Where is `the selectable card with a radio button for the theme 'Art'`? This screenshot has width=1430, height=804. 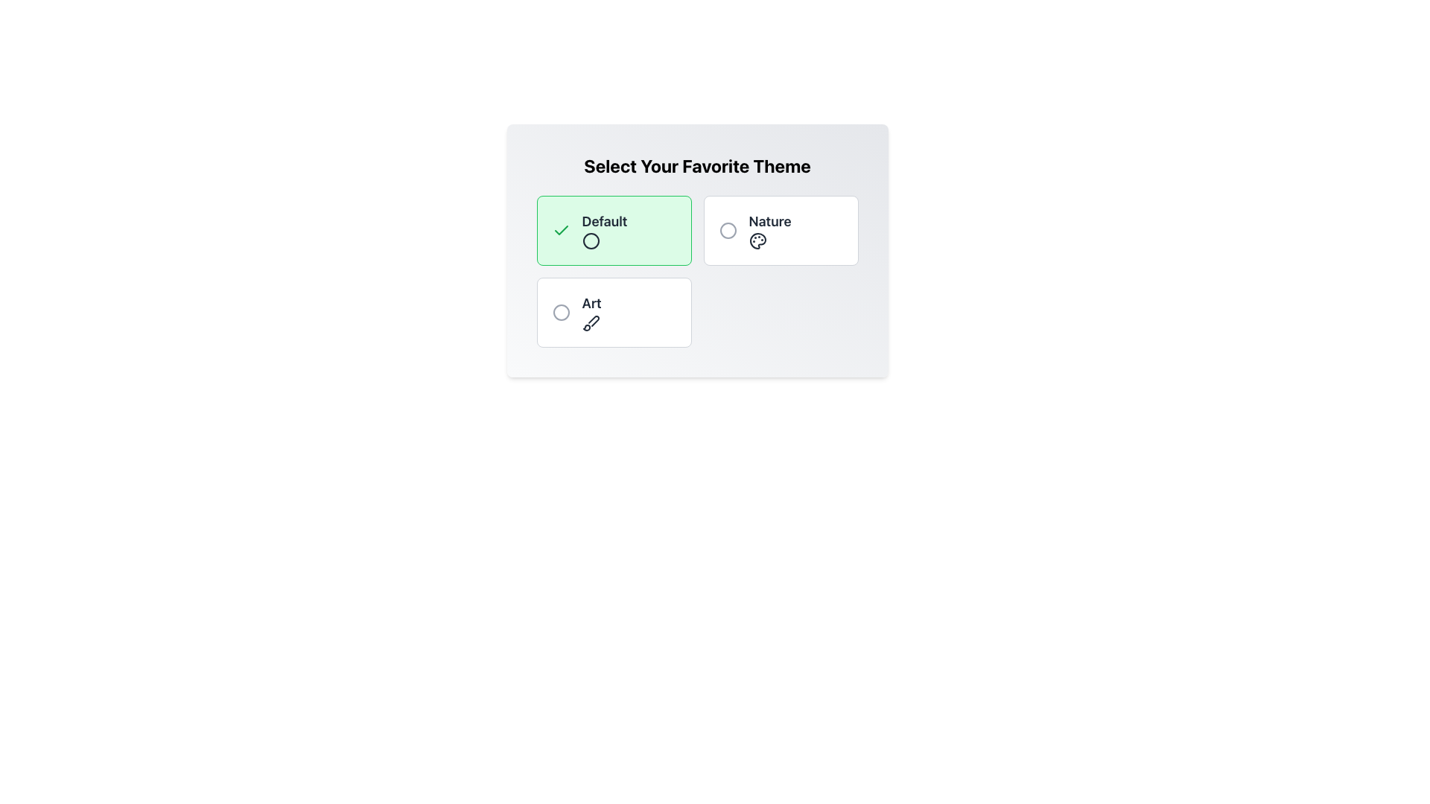 the selectable card with a radio button for the theme 'Art' is located at coordinates (614, 312).